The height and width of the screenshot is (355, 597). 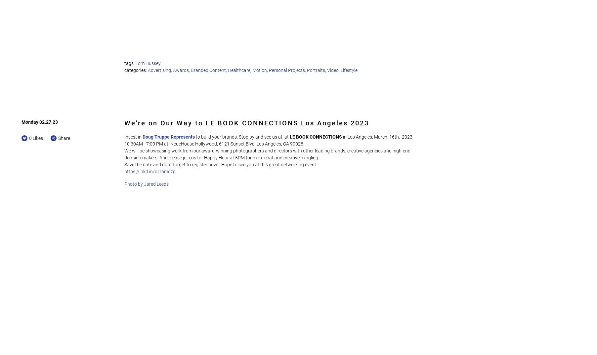 What do you see at coordinates (246, 122) in the screenshot?
I see `'We're on Our Way to LE BOOK CONNECTIONS Los Angeles 2023'` at bounding box center [246, 122].